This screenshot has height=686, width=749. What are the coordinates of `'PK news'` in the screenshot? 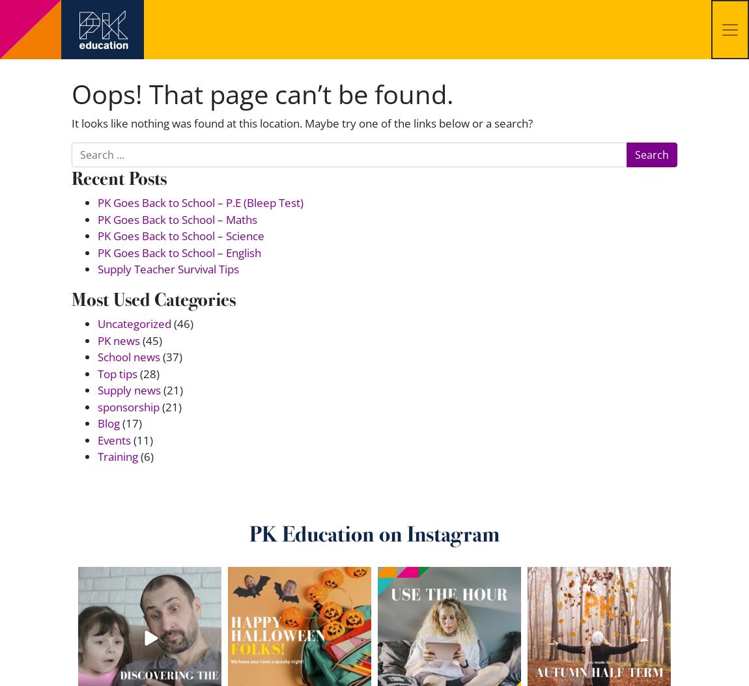 It's located at (96, 339).